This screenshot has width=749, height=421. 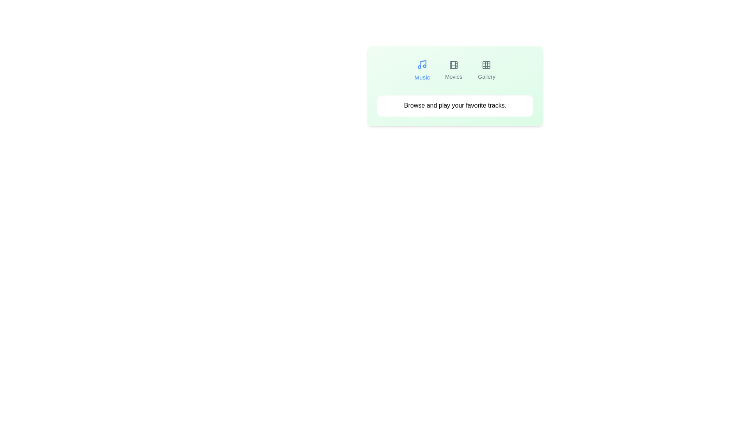 I want to click on the Gallery tab to view its content, so click(x=486, y=71).